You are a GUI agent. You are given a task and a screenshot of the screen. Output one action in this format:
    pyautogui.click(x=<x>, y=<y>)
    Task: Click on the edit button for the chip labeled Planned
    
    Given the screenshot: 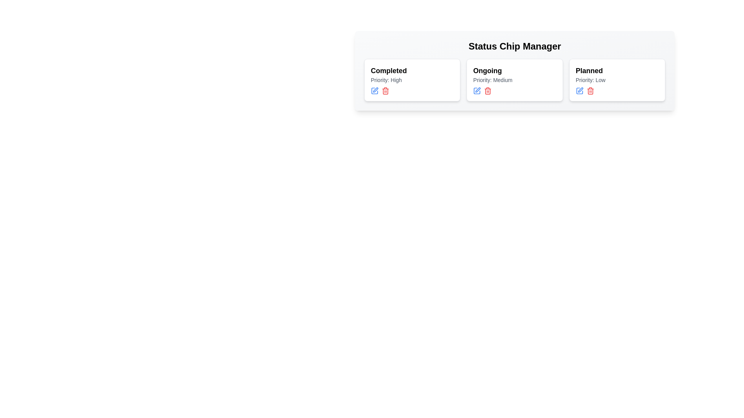 What is the action you would take?
    pyautogui.click(x=579, y=91)
    